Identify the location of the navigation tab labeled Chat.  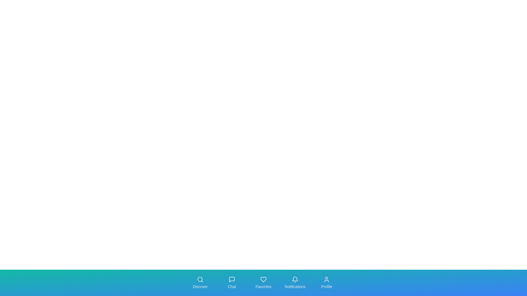
(232, 283).